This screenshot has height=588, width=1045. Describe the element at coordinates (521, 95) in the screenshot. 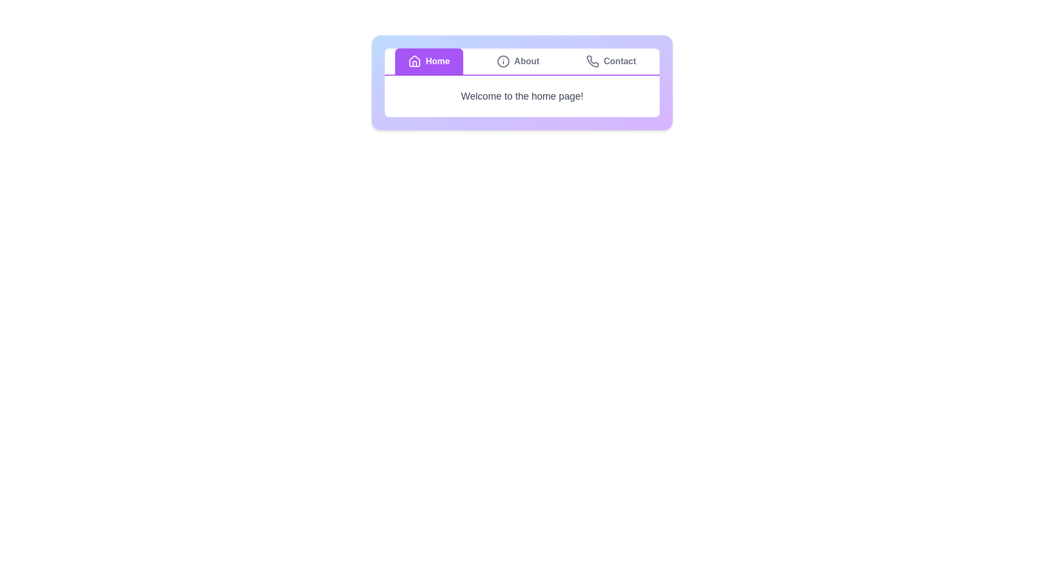

I see `the text within the displayed content area of the active tab` at that location.